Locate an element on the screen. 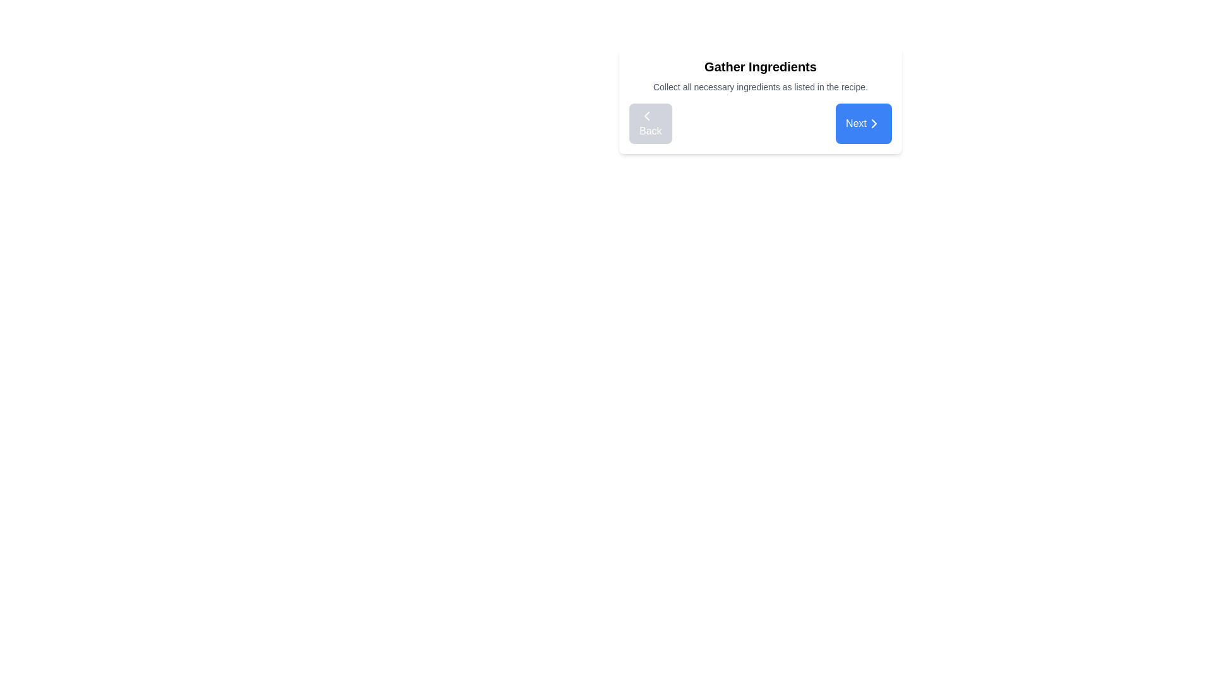 The width and height of the screenshot is (1212, 682). the 'Next' button located in the bottom-right corner of the interface card, which contains the chevron SVG icon indicating progression is located at coordinates (874, 124).